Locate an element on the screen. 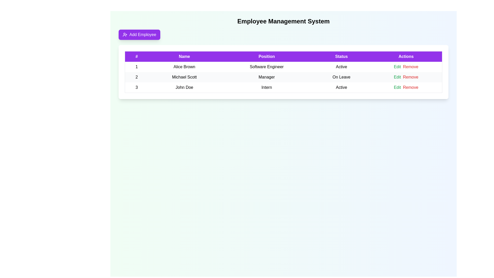 This screenshot has height=278, width=494. the 'On Leave' text label in the 'Status' column for row '2' associated with 'Michael Scott' as 'Manager' is located at coordinates (341, 77).